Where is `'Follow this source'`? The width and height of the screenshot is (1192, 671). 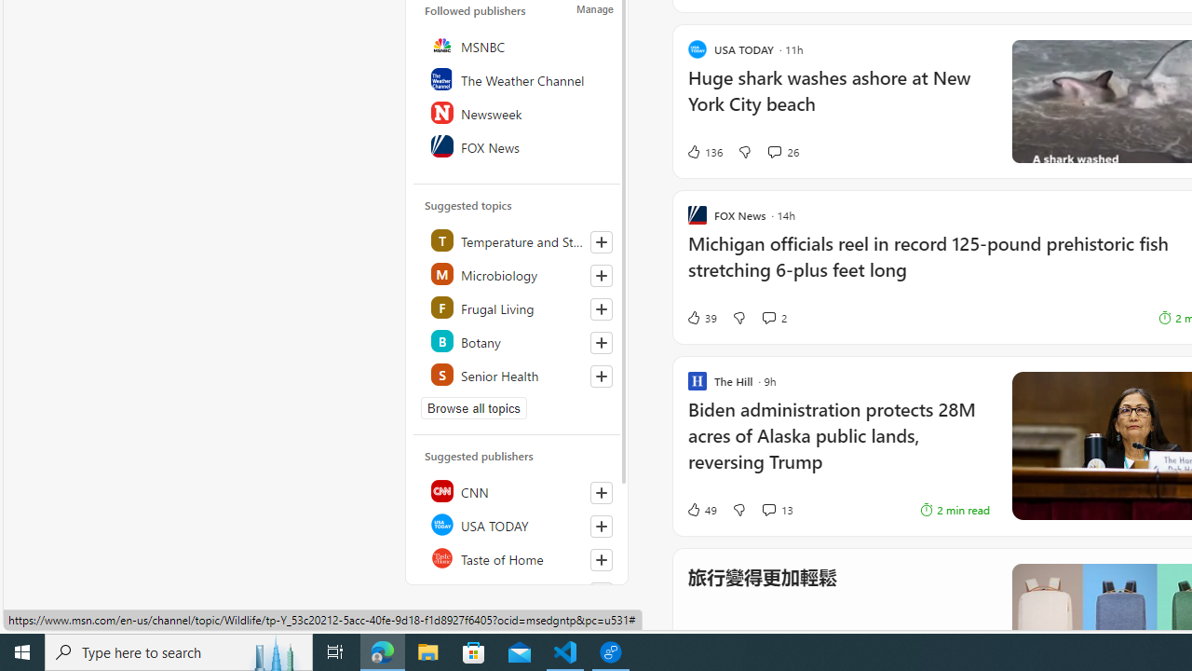
'Follow this source' is located at coordinates (601, 593).